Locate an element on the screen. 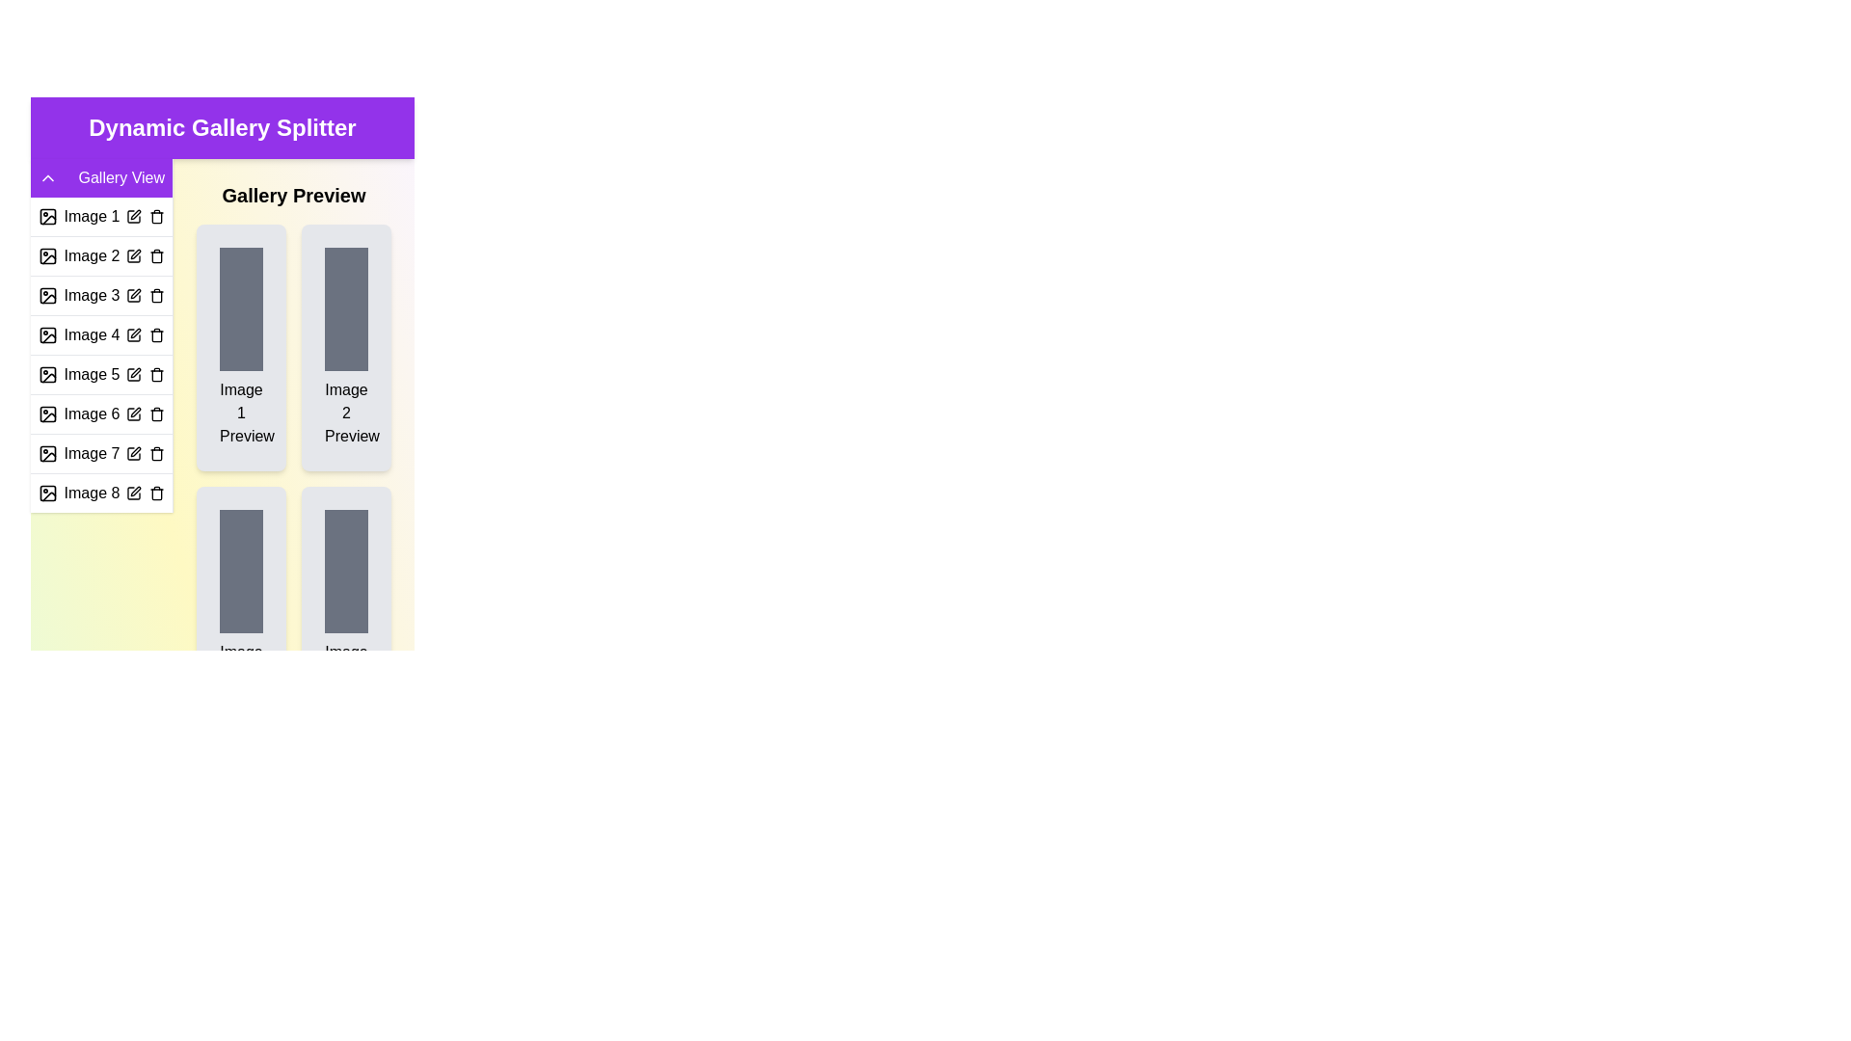  the delete icon of the first list item row labeled 'Image 1' in the 'Gallery View' panel is located at coordinates (100, 216).